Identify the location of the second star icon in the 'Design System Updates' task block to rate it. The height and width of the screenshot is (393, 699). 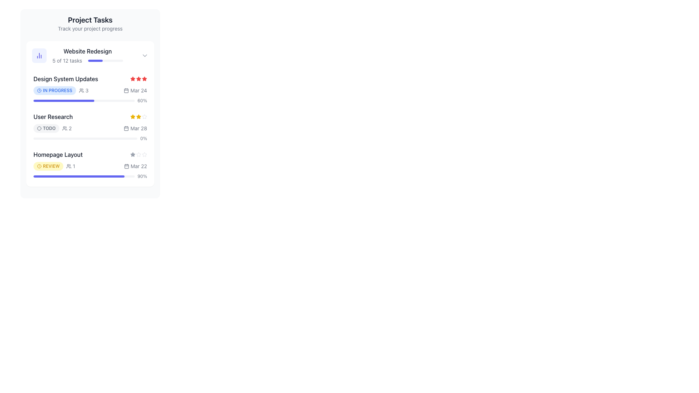
(133, 79).